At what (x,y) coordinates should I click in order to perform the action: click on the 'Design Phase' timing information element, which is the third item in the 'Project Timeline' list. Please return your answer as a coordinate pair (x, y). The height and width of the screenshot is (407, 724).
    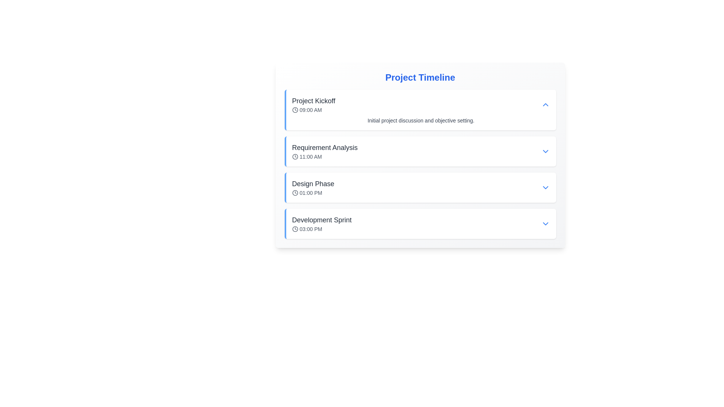
    Looking at the image, I should click on (420, 187).